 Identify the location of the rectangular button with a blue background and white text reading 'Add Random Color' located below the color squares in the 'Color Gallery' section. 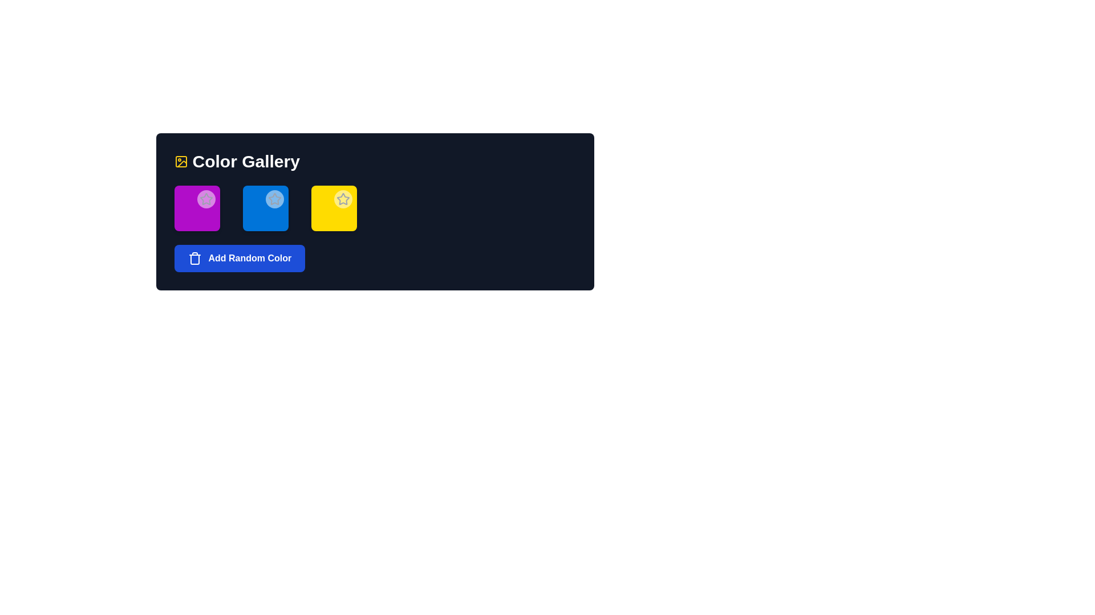
(239, 259).